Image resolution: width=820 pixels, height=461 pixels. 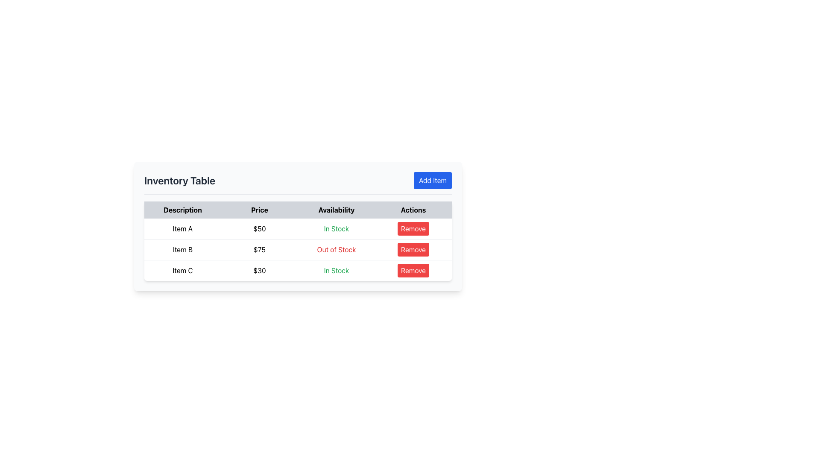 What do you see at coordinates (336, 228) in the screenshot?
I see `the static label displaying 'In Stock' status for 'Item A' in the 'Availability' column of the table` at bounding box center [336, 228].